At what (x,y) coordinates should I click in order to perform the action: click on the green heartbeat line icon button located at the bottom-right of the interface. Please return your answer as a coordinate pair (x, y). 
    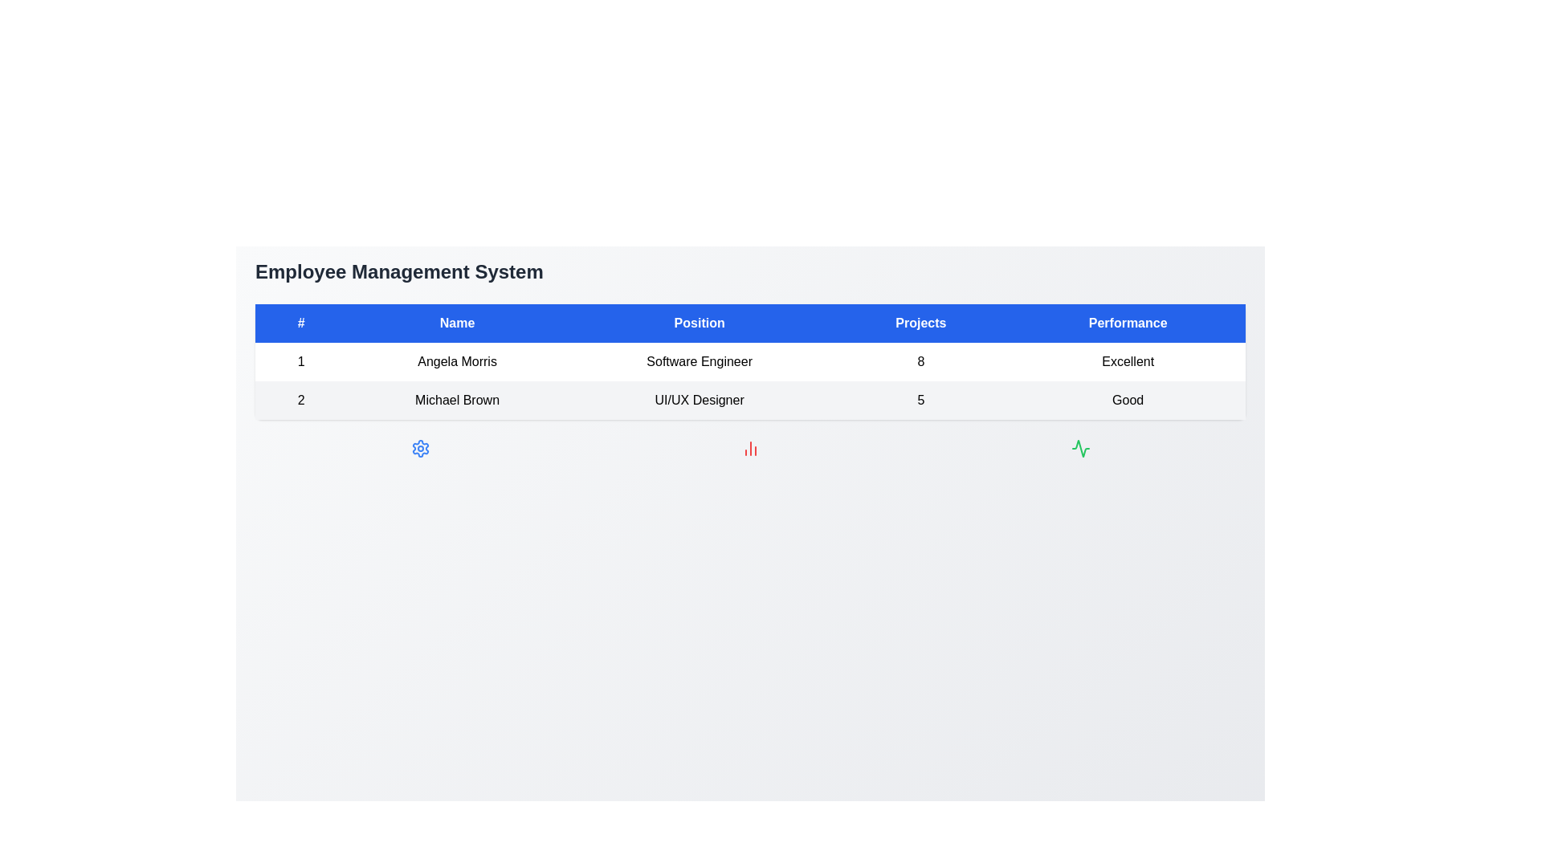
    Looking at the image, I should click on (1080, 449).